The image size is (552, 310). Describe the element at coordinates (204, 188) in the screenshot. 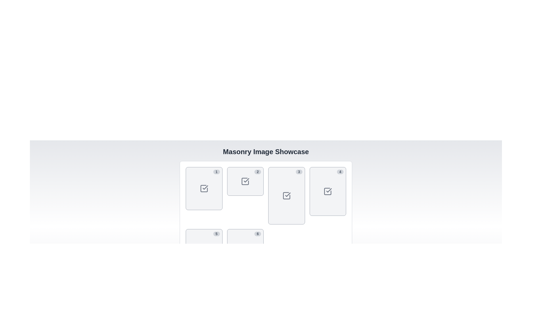

I see `the checkbox centered within the first card labeled with the number 1` at that location.